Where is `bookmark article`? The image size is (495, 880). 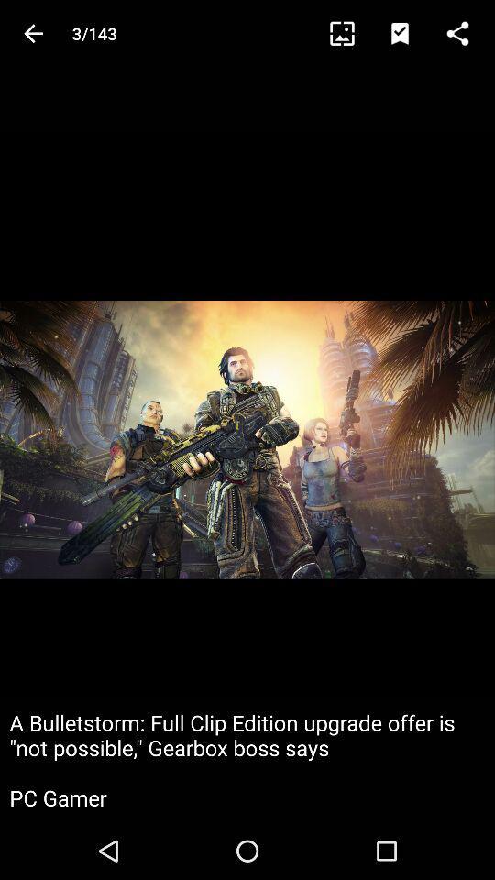
bookmark article is located at coordinates (408, 32).